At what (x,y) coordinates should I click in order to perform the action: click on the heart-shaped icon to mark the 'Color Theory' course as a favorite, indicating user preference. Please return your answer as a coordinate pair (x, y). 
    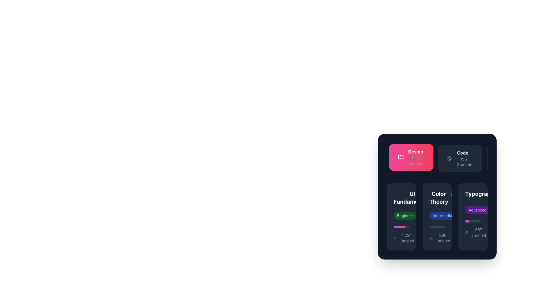
    Looking at the image, I should click on (436, 194).